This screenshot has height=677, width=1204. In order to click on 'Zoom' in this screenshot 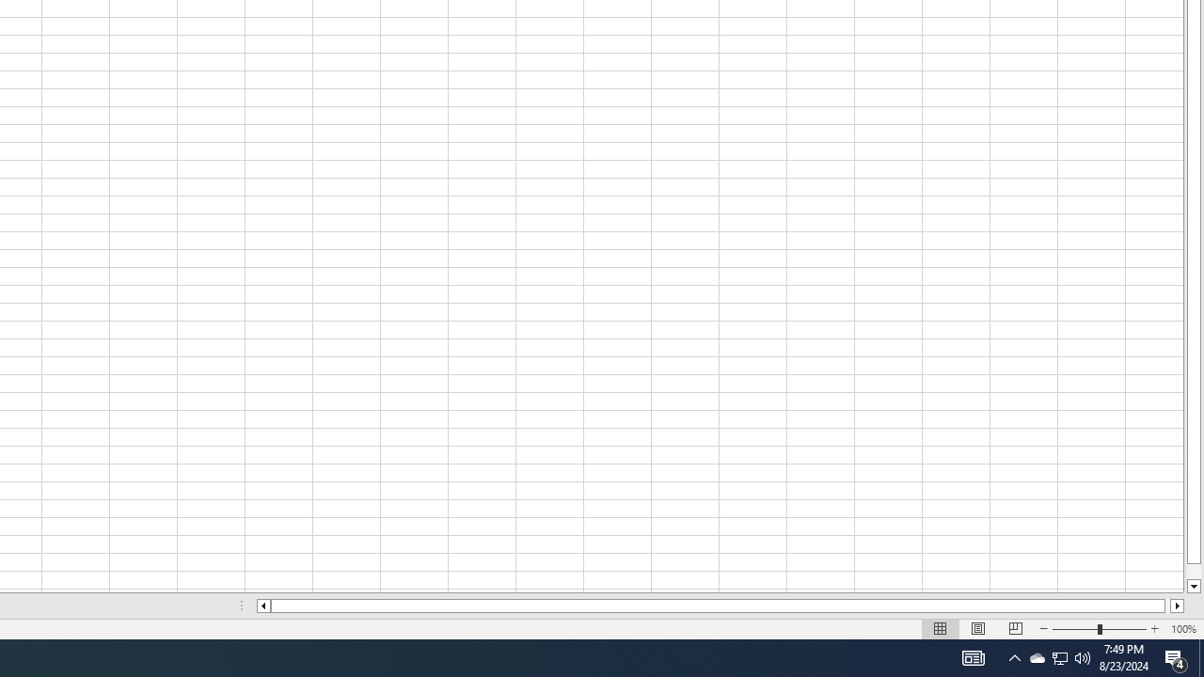, I will do `click(1099, 629)`.